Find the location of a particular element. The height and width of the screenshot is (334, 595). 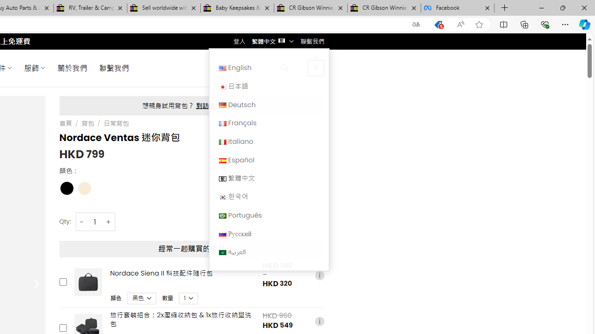

' Italiano' is located at coordinates (268, 141).